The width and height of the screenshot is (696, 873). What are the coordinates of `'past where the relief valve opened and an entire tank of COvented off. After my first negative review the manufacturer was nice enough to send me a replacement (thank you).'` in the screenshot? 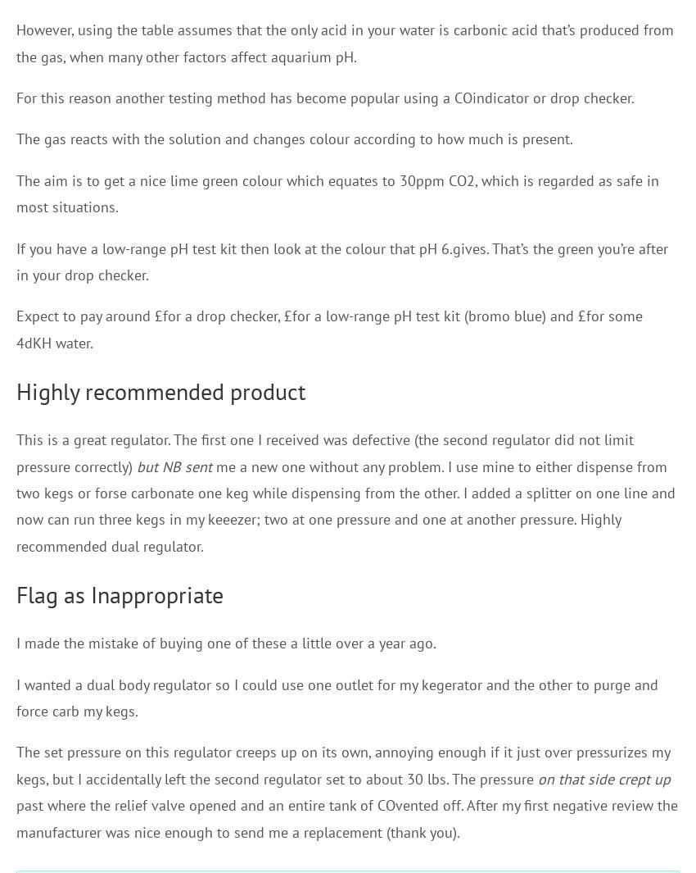 It's located at (346, 818).